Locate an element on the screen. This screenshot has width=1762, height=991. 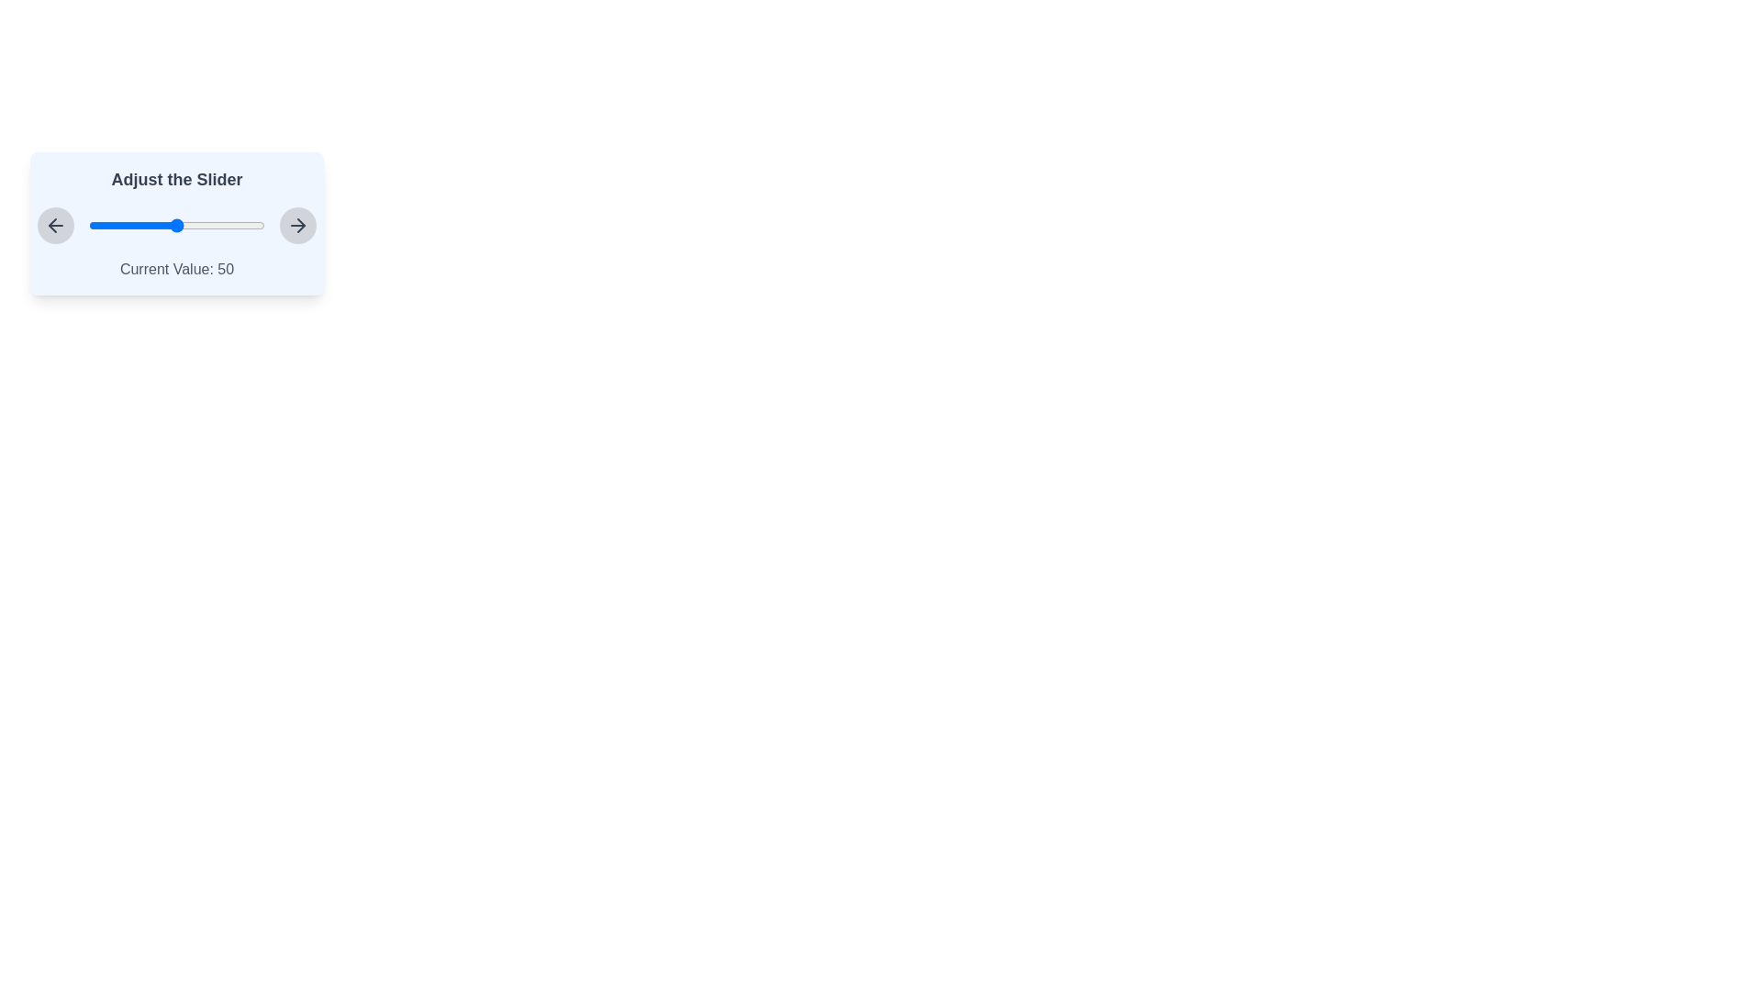
the slider is located at coordinates (155, 225).